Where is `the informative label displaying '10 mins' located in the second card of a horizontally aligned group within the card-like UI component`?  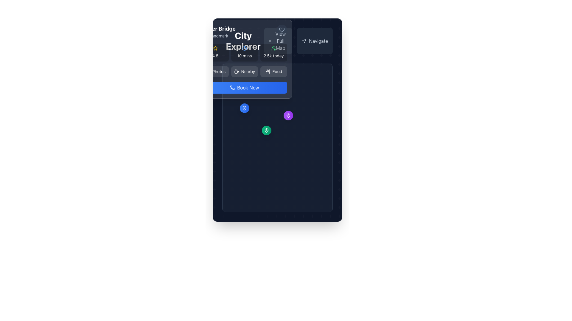 the informative label displaying '10 mins' located in the second card of a horizontally aligned group within the card-like UI component is located at coordinates (244, 52).